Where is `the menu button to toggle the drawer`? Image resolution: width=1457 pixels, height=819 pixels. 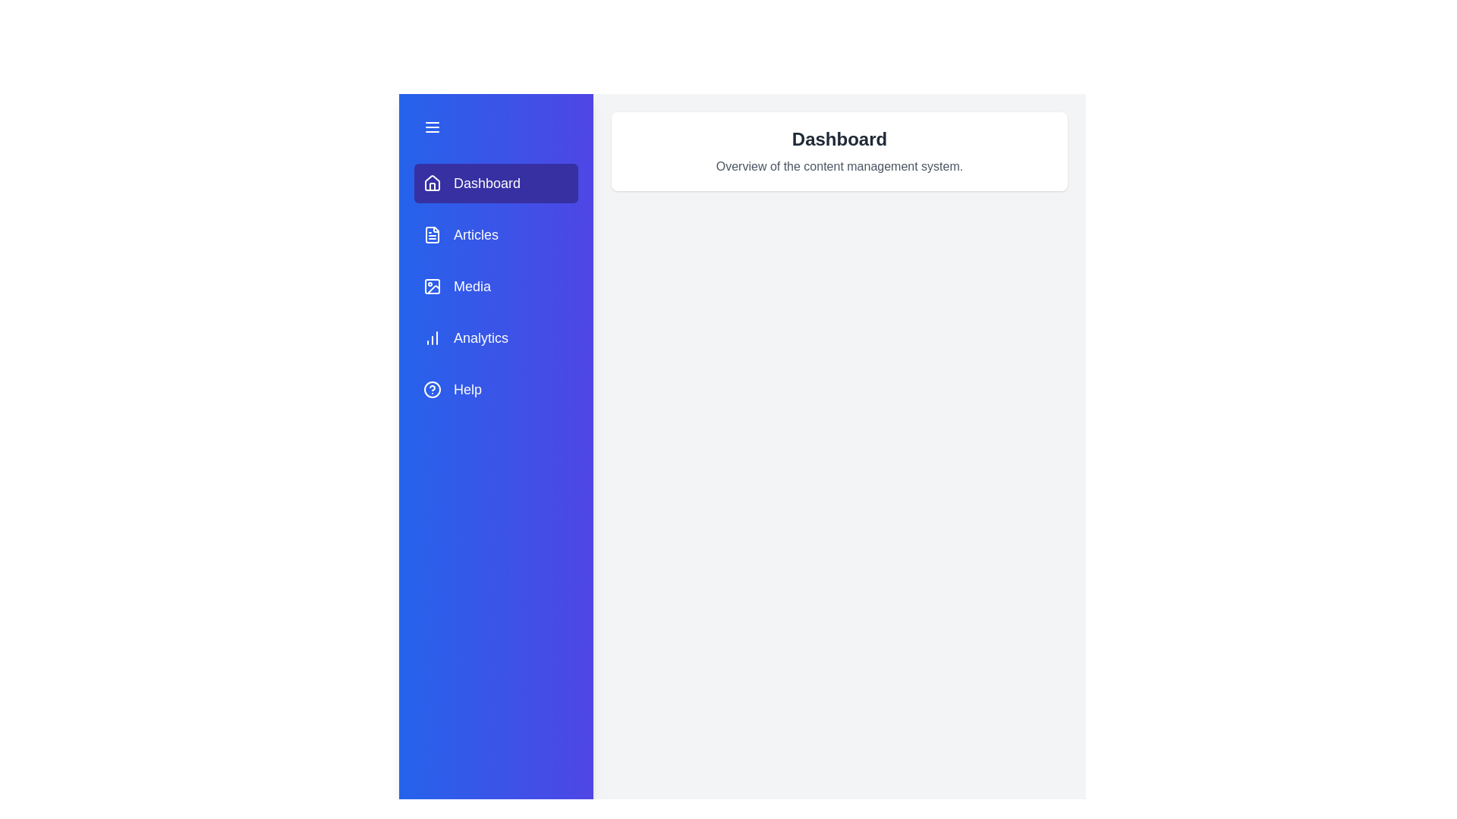
the menu button to toggle the drawer is located at coordinates (496, 127).